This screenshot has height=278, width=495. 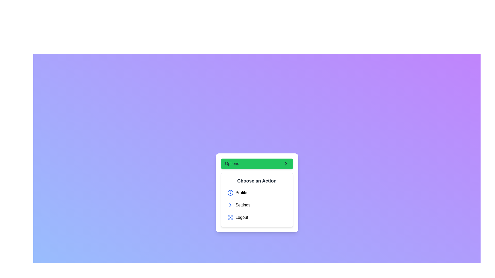 What do you see at coordinates (285, 164) in the screenshot?
I see `the chevron icon located at the right edge of the 'Options' button` at bounding box center [285, 164].